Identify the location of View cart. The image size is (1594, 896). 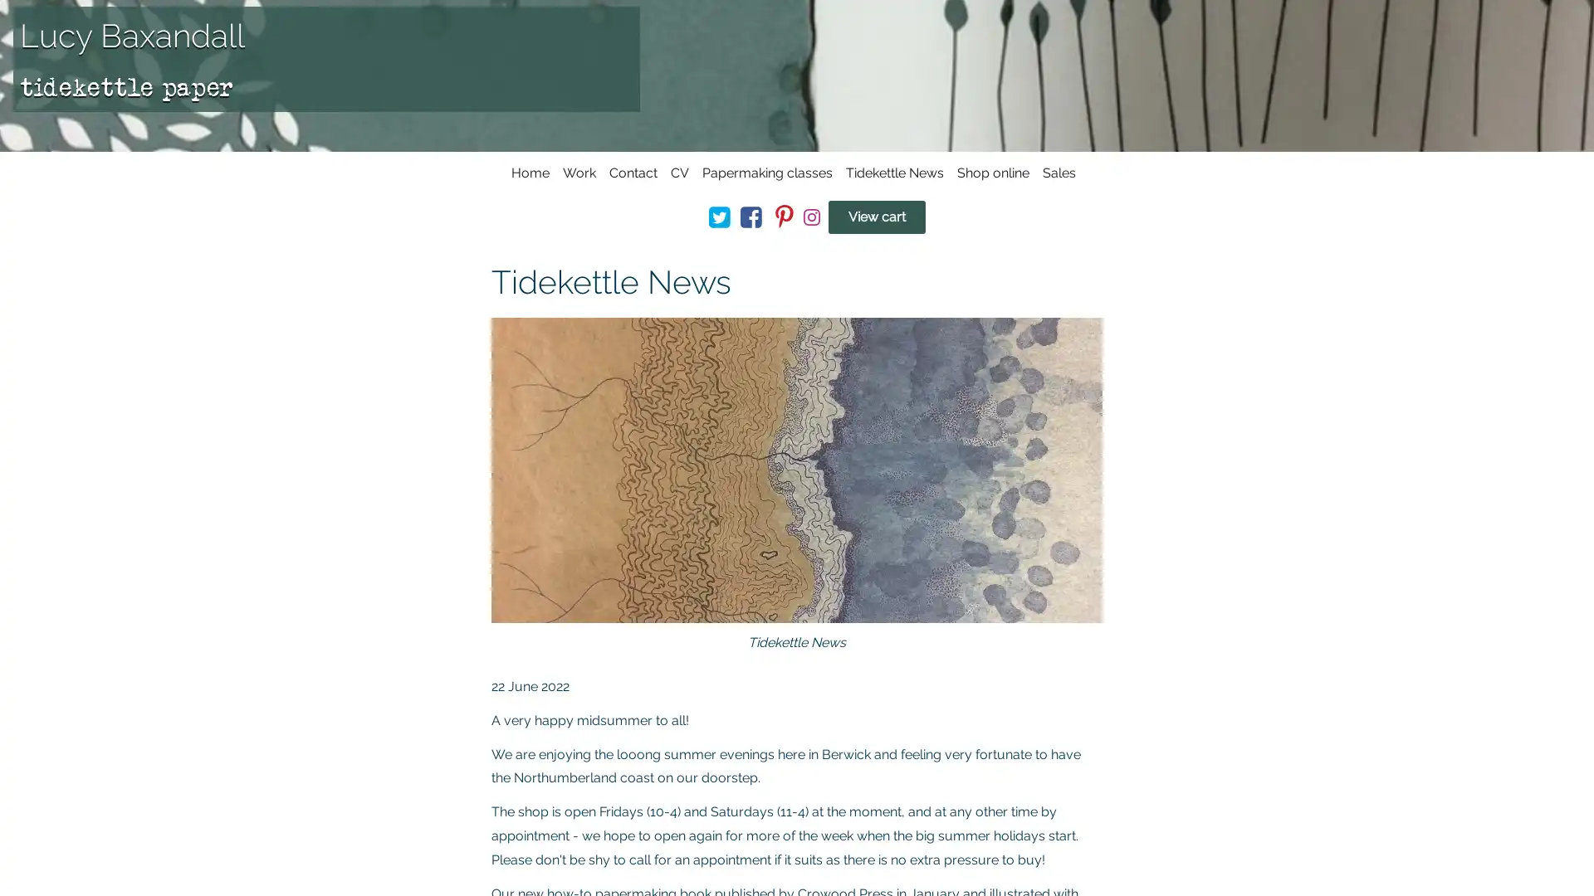
(875, 217).